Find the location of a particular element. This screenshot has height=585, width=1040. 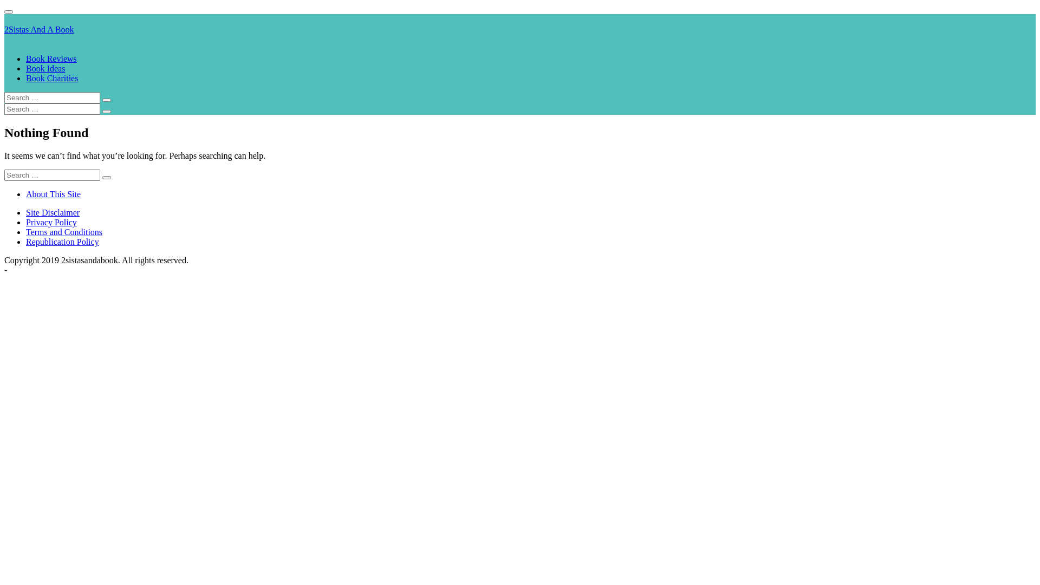

'About This Site' is located at coordinates (53, 193).